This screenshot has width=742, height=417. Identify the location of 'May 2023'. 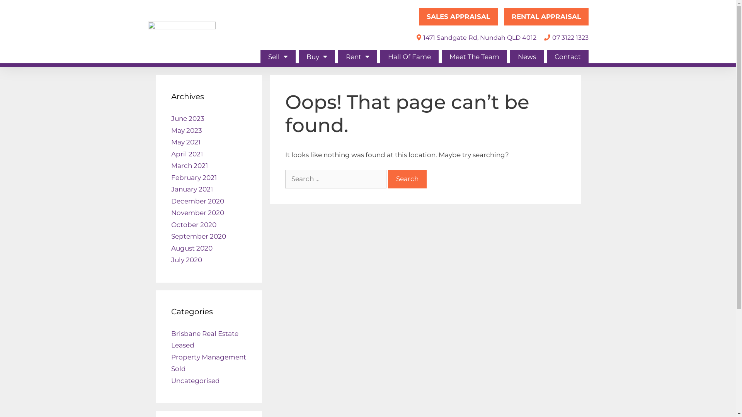
(186, 130).